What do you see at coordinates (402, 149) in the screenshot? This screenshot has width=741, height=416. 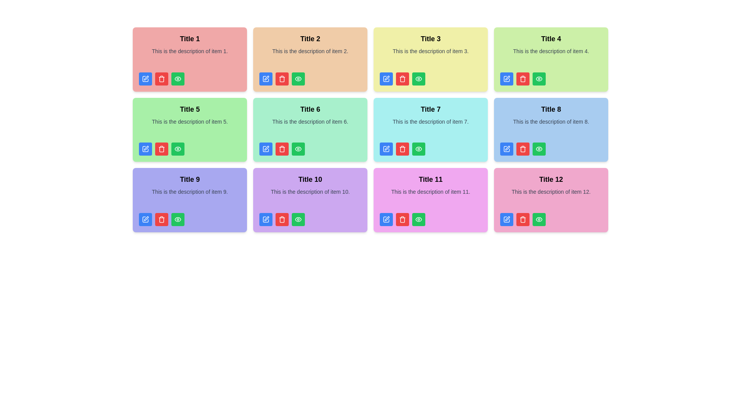 I see `the red delete button with a white trash can icon located in the middle column of the button group` at bounding box center [402, 149].